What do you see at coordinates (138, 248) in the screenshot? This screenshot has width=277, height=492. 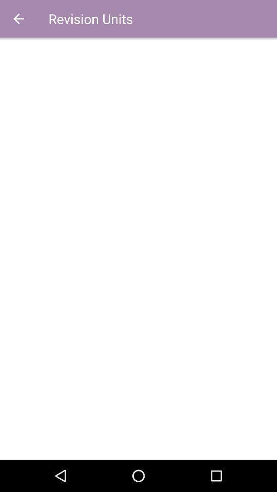 I see `icon below the revision units icon` at bounding box center [138, 248].